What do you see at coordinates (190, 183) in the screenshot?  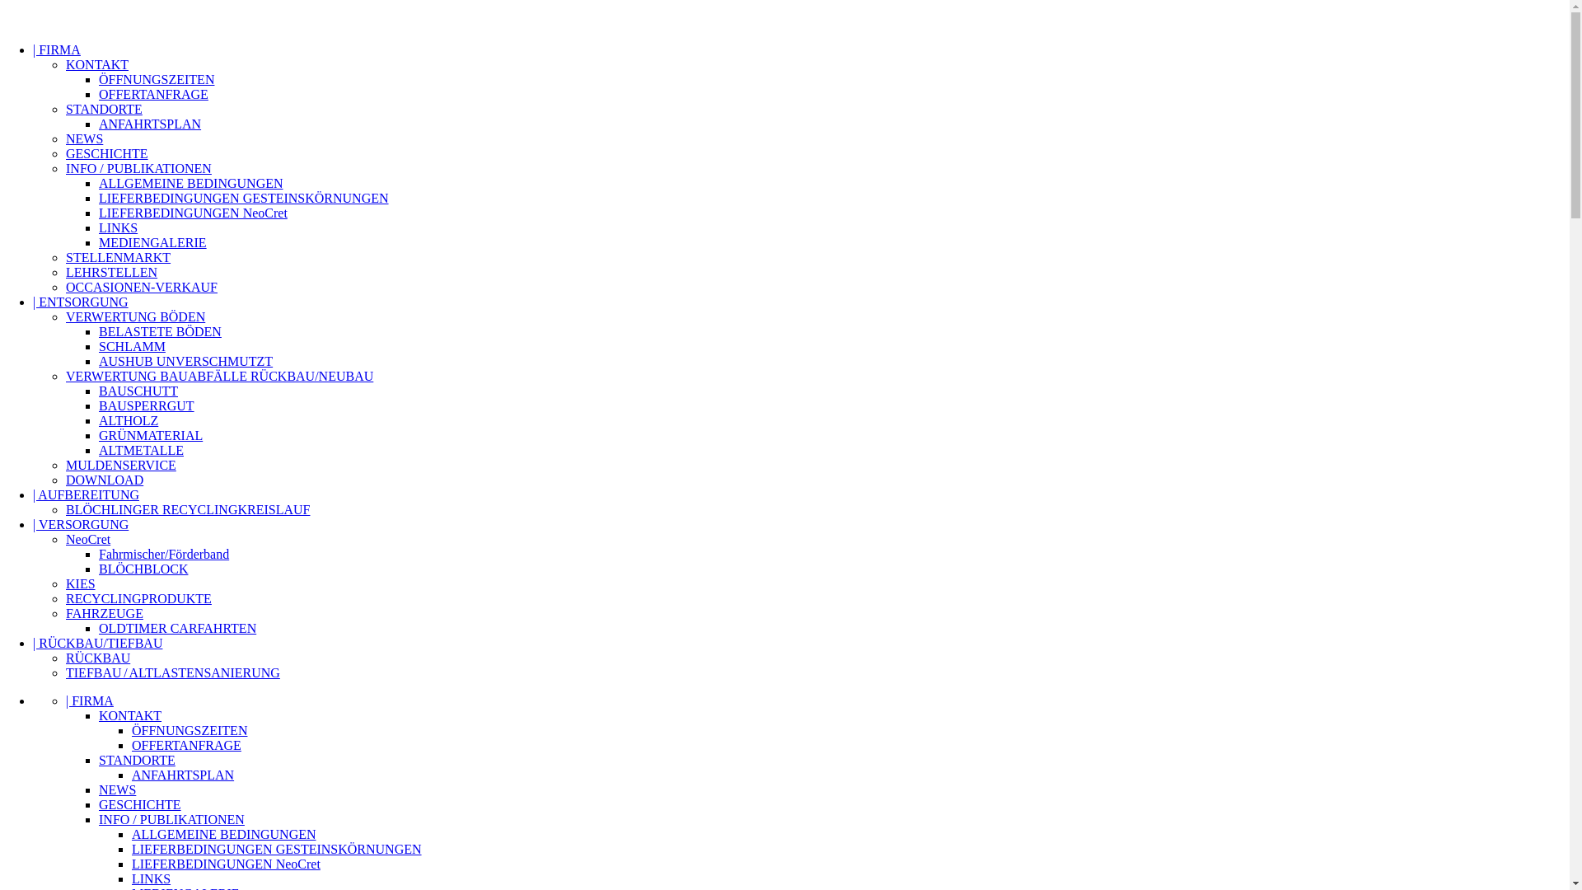 I see `'ALLGEMEINE BEDINGUNGEN'` at bounding box center [190, 183].